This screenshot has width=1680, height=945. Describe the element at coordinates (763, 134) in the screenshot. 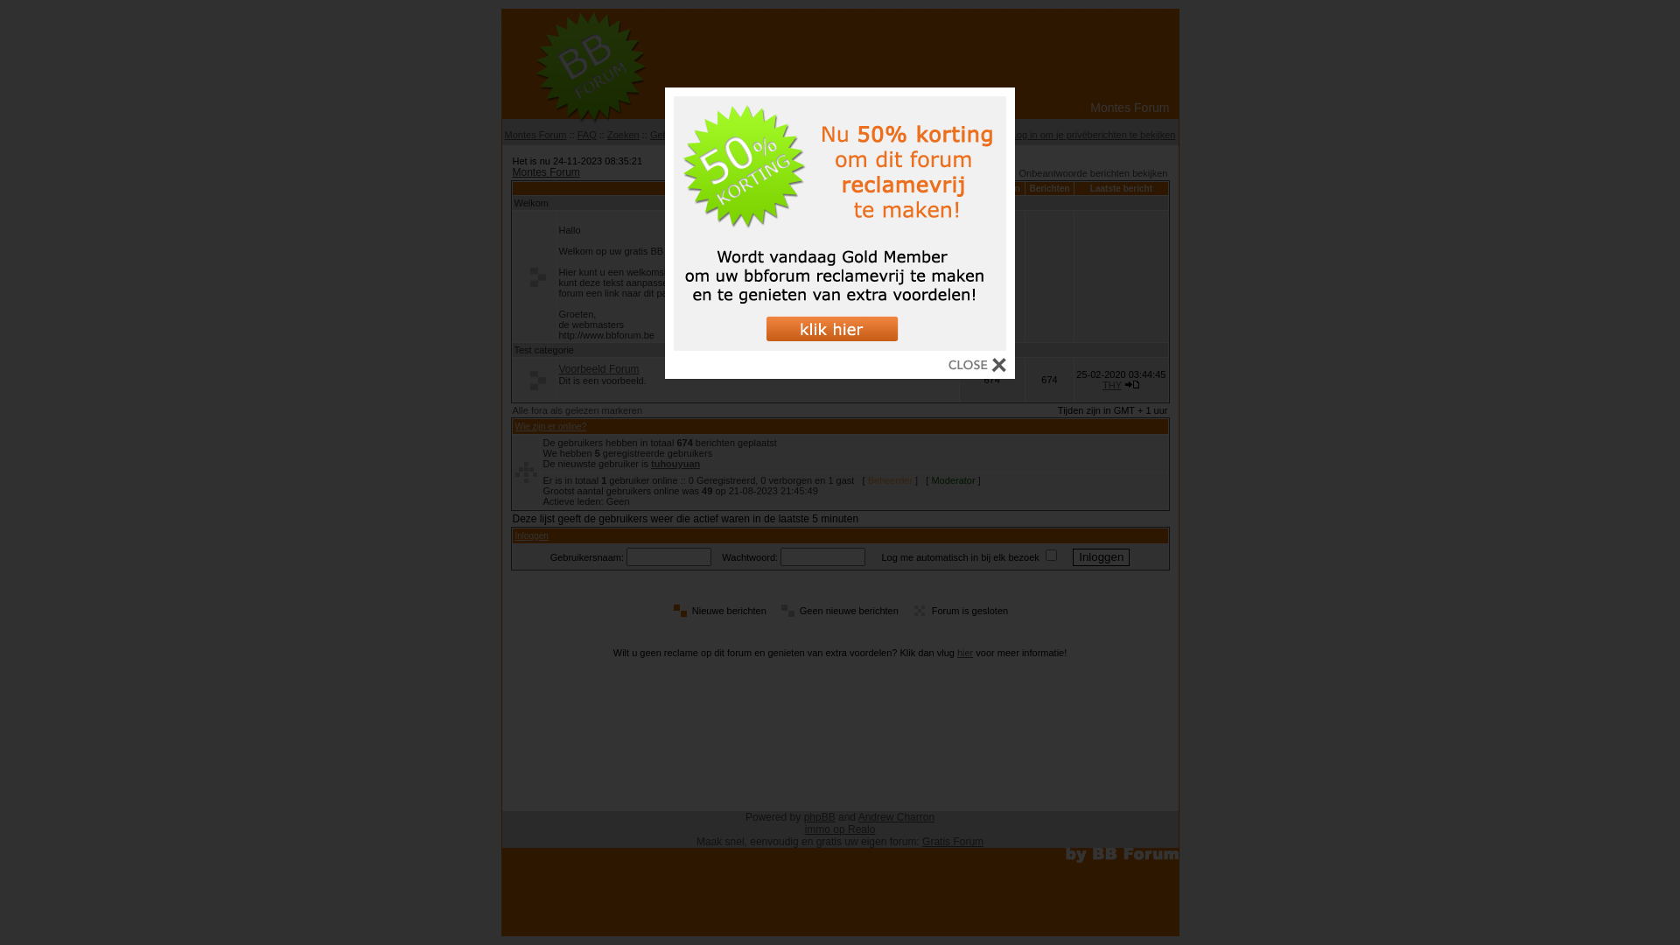

I see `'Gebruikersgroepen'` at that location.